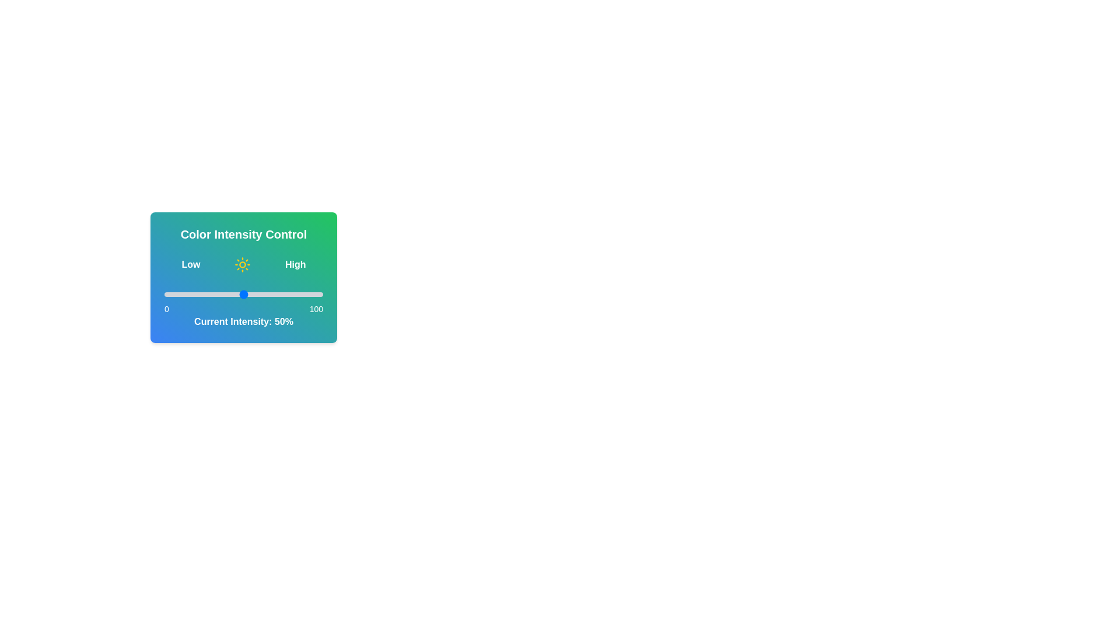 Image resolution: width=1120 pixels, height=630 pixels. Describe the element at coordinates (257, 294) in the screenshot. I see `the slider value` at that location.